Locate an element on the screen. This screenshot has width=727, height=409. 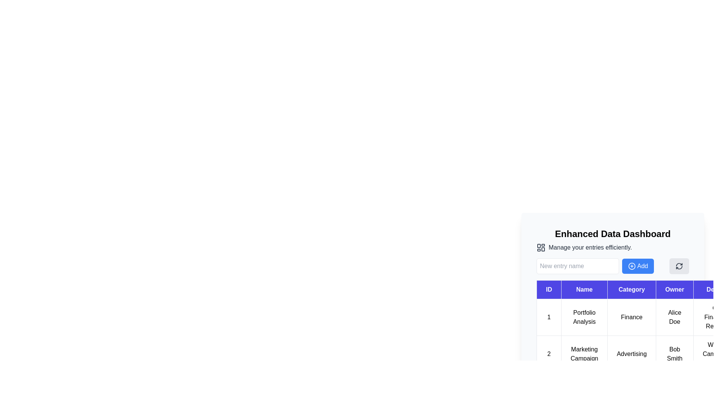
the blue button with rounded corners labeled 'Add' is located at coordinates (638, 265).